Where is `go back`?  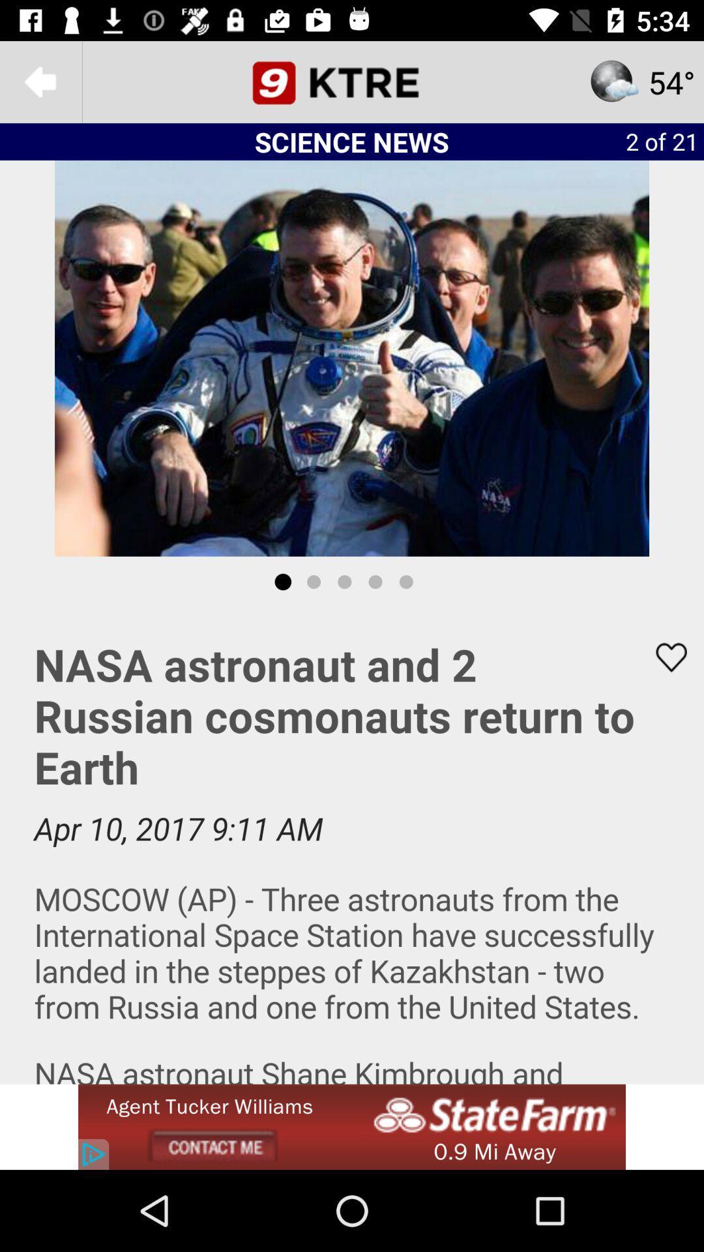 go back is located at coordinates (40, 81).